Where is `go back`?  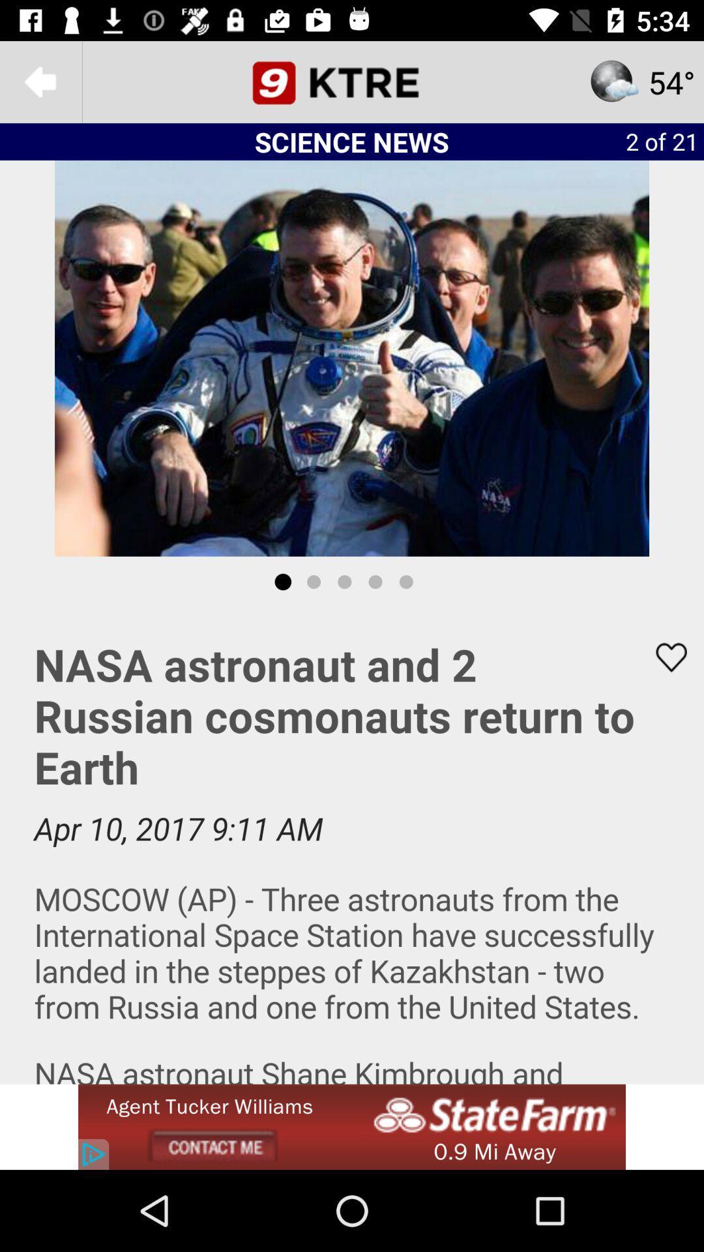 go back is located at coordinates (40, 81).